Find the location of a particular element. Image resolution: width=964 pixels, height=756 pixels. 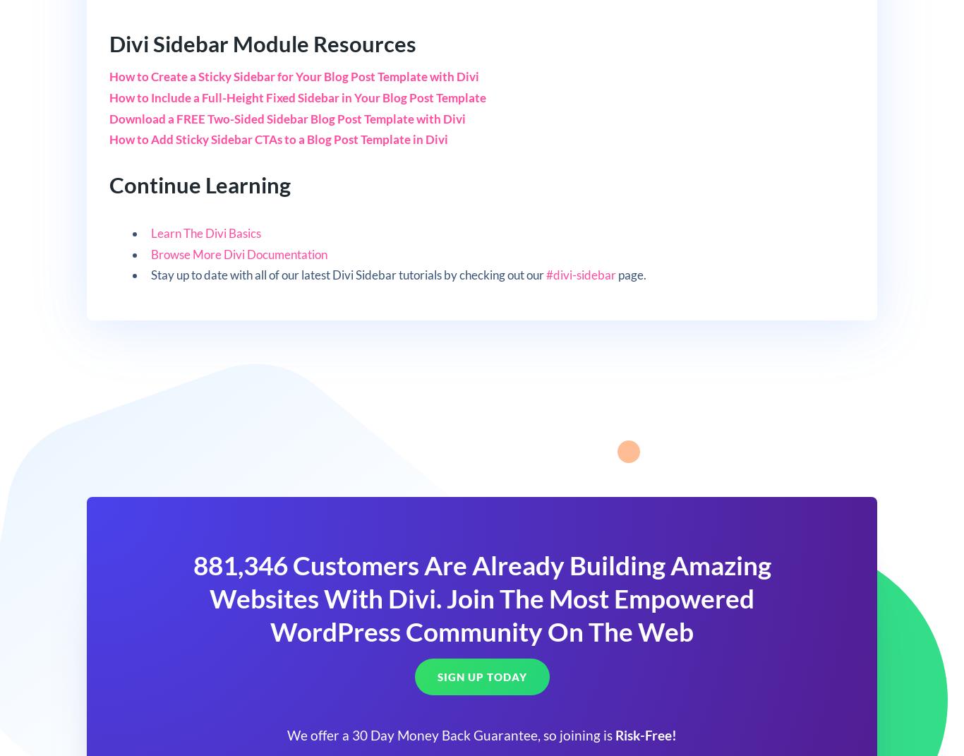

'#divi-sidebar' is located at coordinates (546, 275).